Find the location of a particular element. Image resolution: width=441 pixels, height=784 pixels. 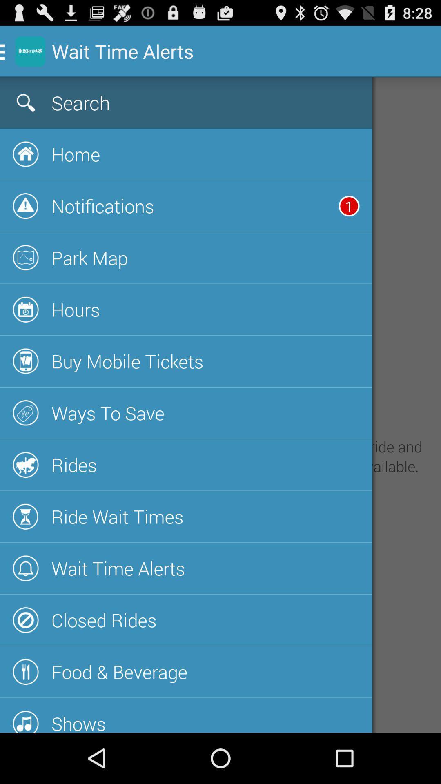

the button beside the text home is located at coordinates (25, 154).